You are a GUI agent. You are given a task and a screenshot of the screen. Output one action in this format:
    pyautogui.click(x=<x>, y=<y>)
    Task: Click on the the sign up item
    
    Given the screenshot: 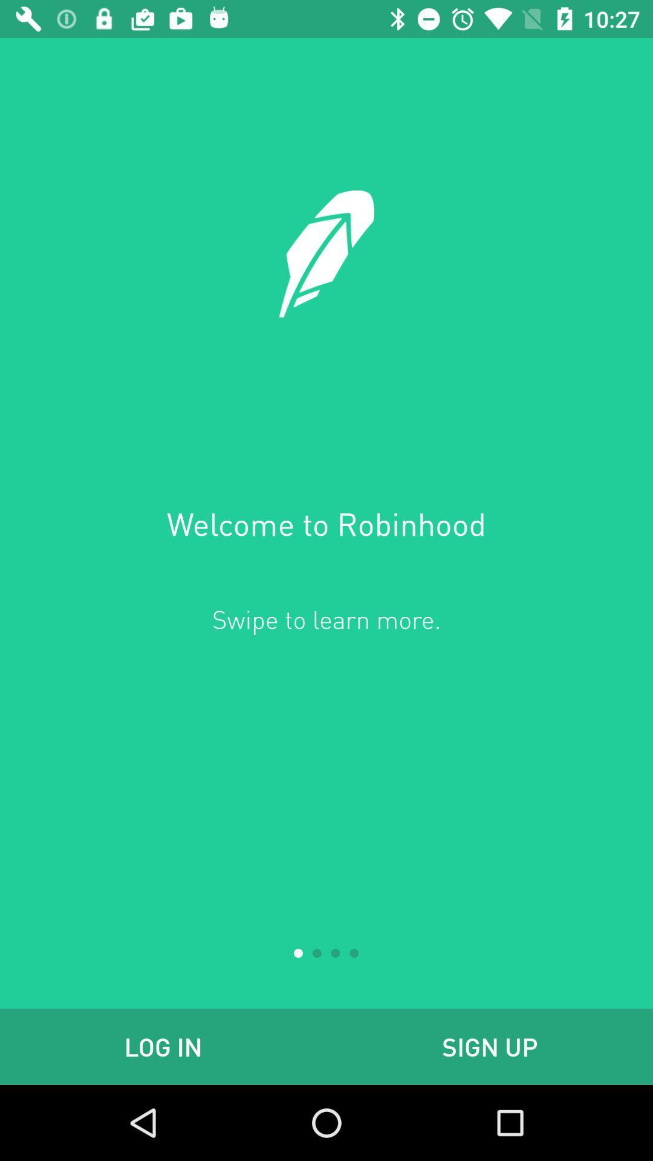 What is the action you would take?
    pyautogui.click(x=490, y=1046)
    